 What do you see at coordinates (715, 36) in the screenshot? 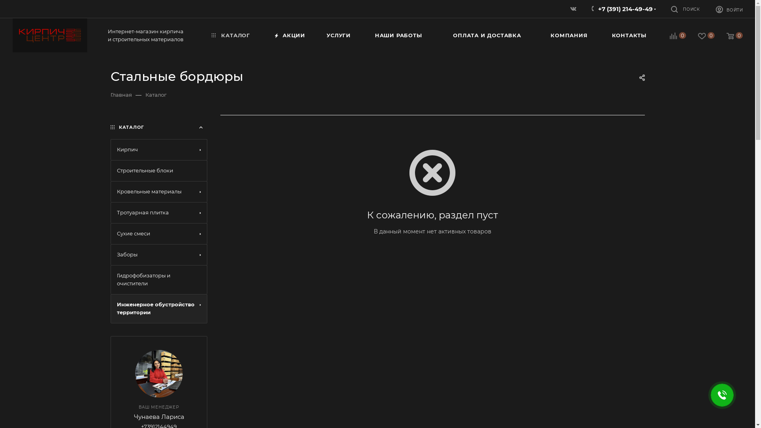
I see `'0'` at bounding box center [715, 36].